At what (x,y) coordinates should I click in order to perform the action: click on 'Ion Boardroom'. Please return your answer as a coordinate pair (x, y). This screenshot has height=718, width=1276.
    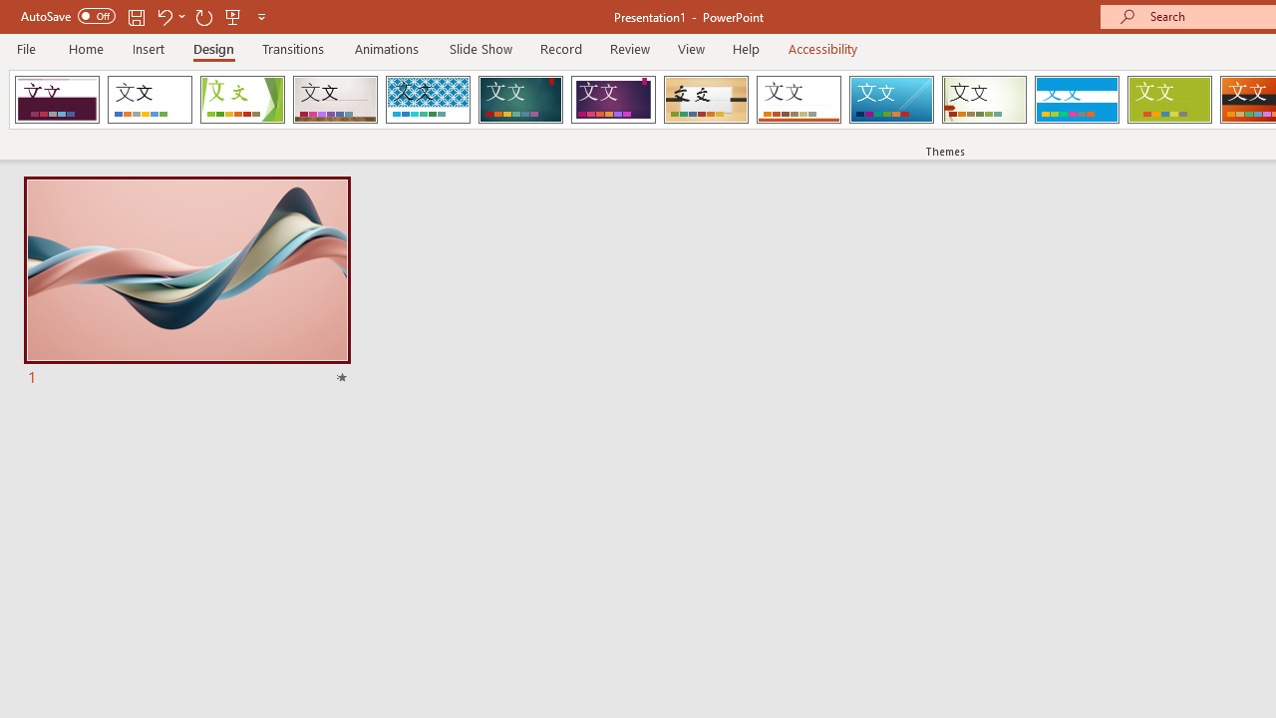
    Looking at the image, I should click on (612, 100).